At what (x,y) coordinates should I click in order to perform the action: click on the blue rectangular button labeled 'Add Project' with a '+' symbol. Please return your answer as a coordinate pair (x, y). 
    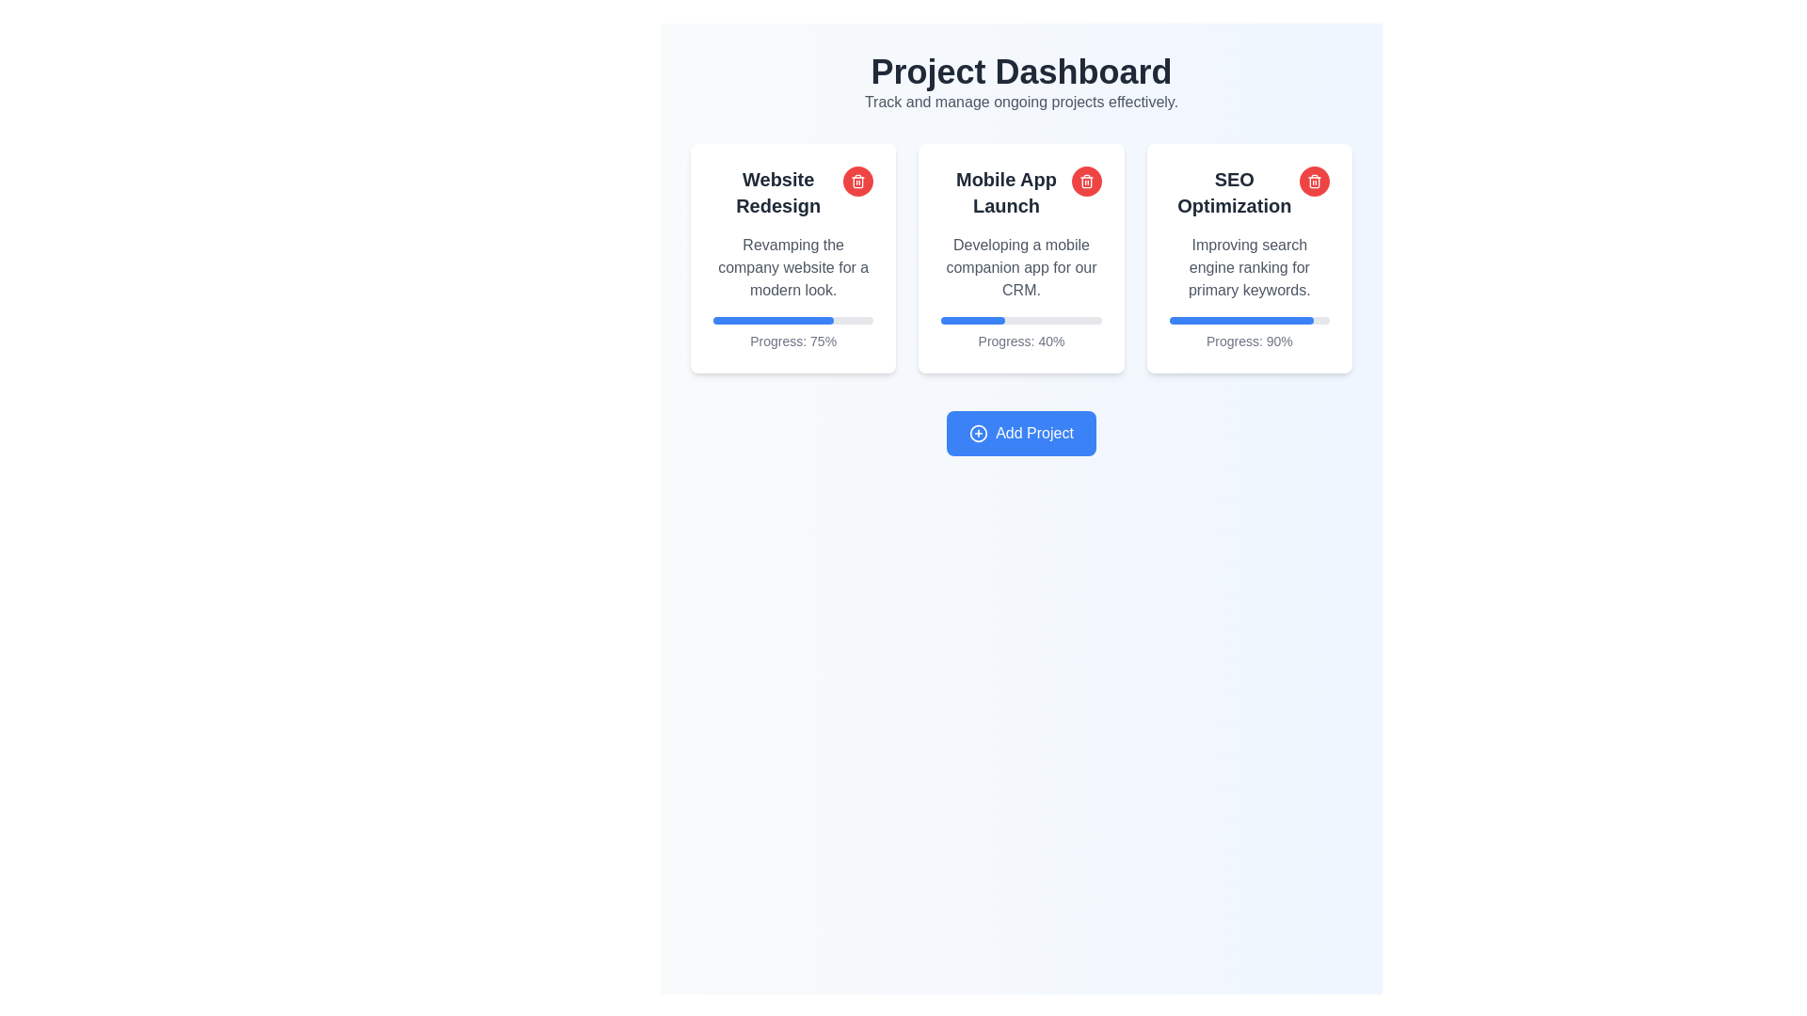
    Looking at the image, I should click on (1020, 434).